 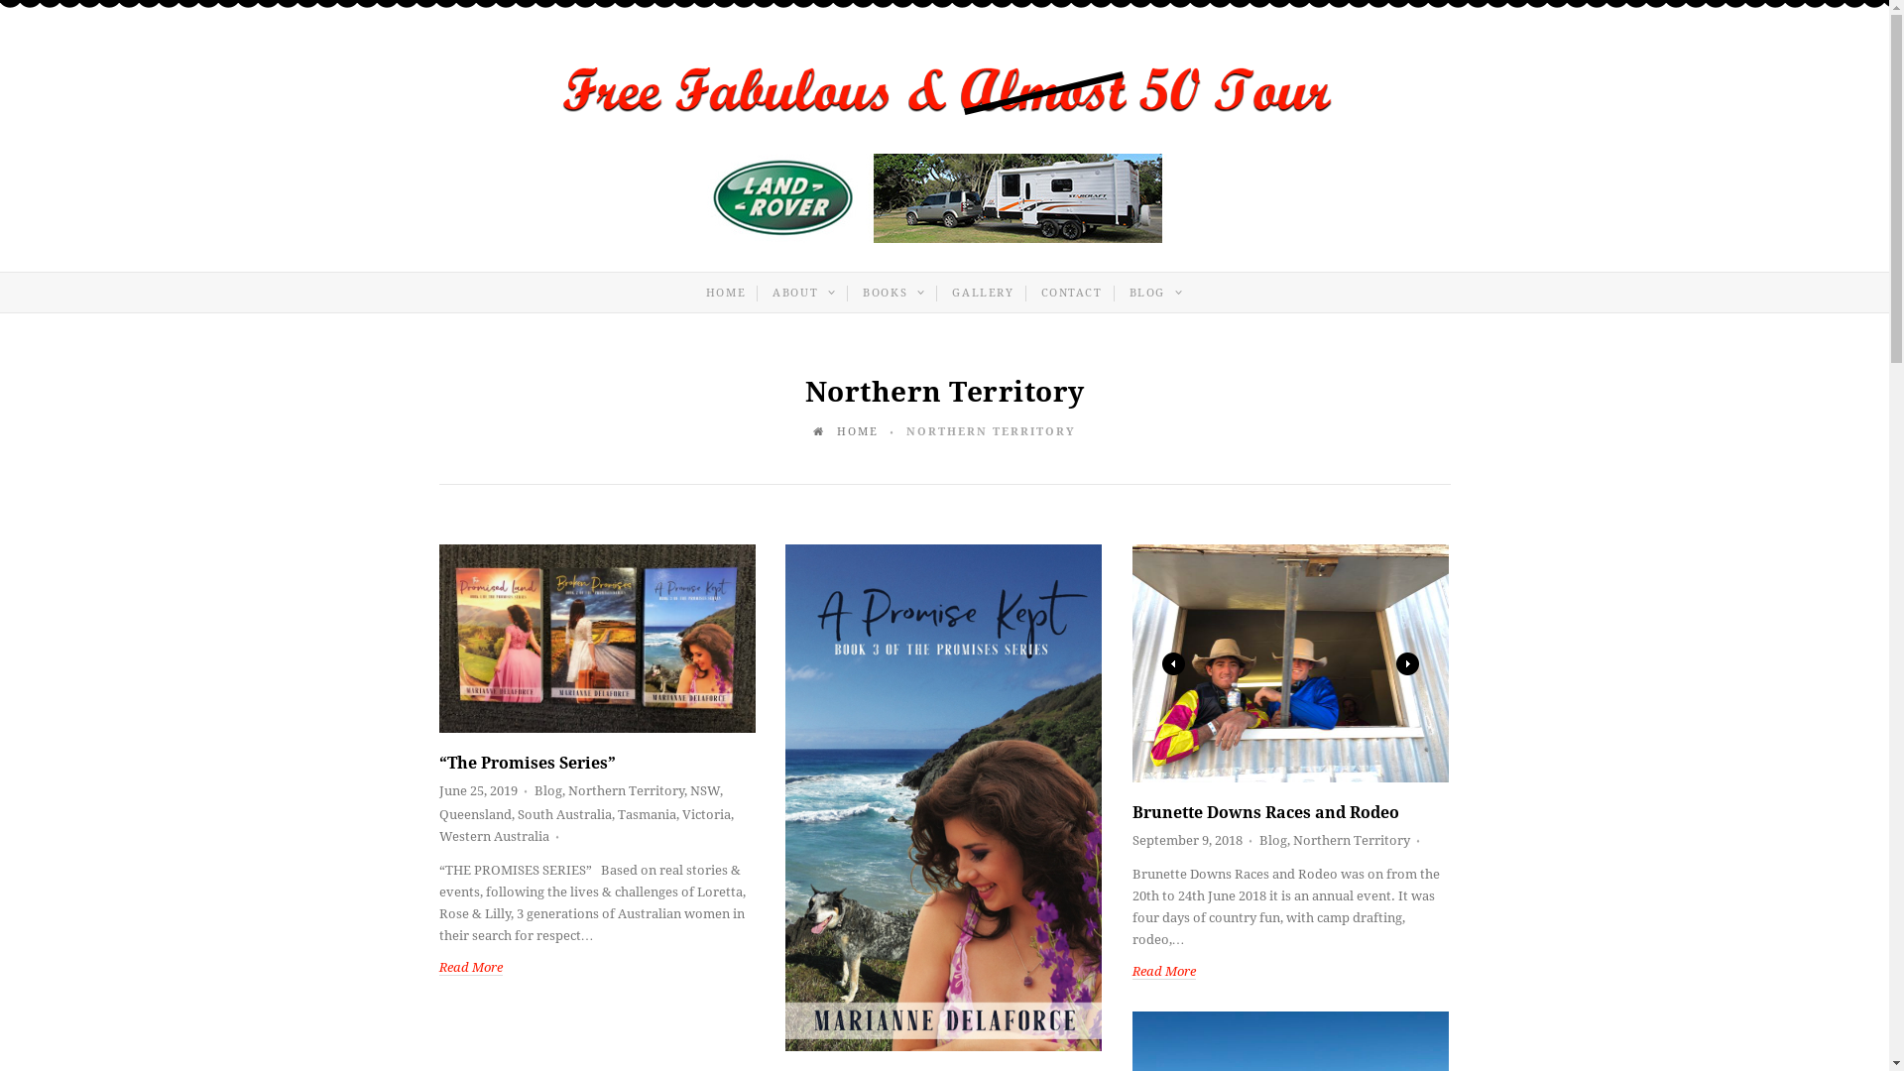 I want to click on 'Queensland', so click(x=473, y=814).